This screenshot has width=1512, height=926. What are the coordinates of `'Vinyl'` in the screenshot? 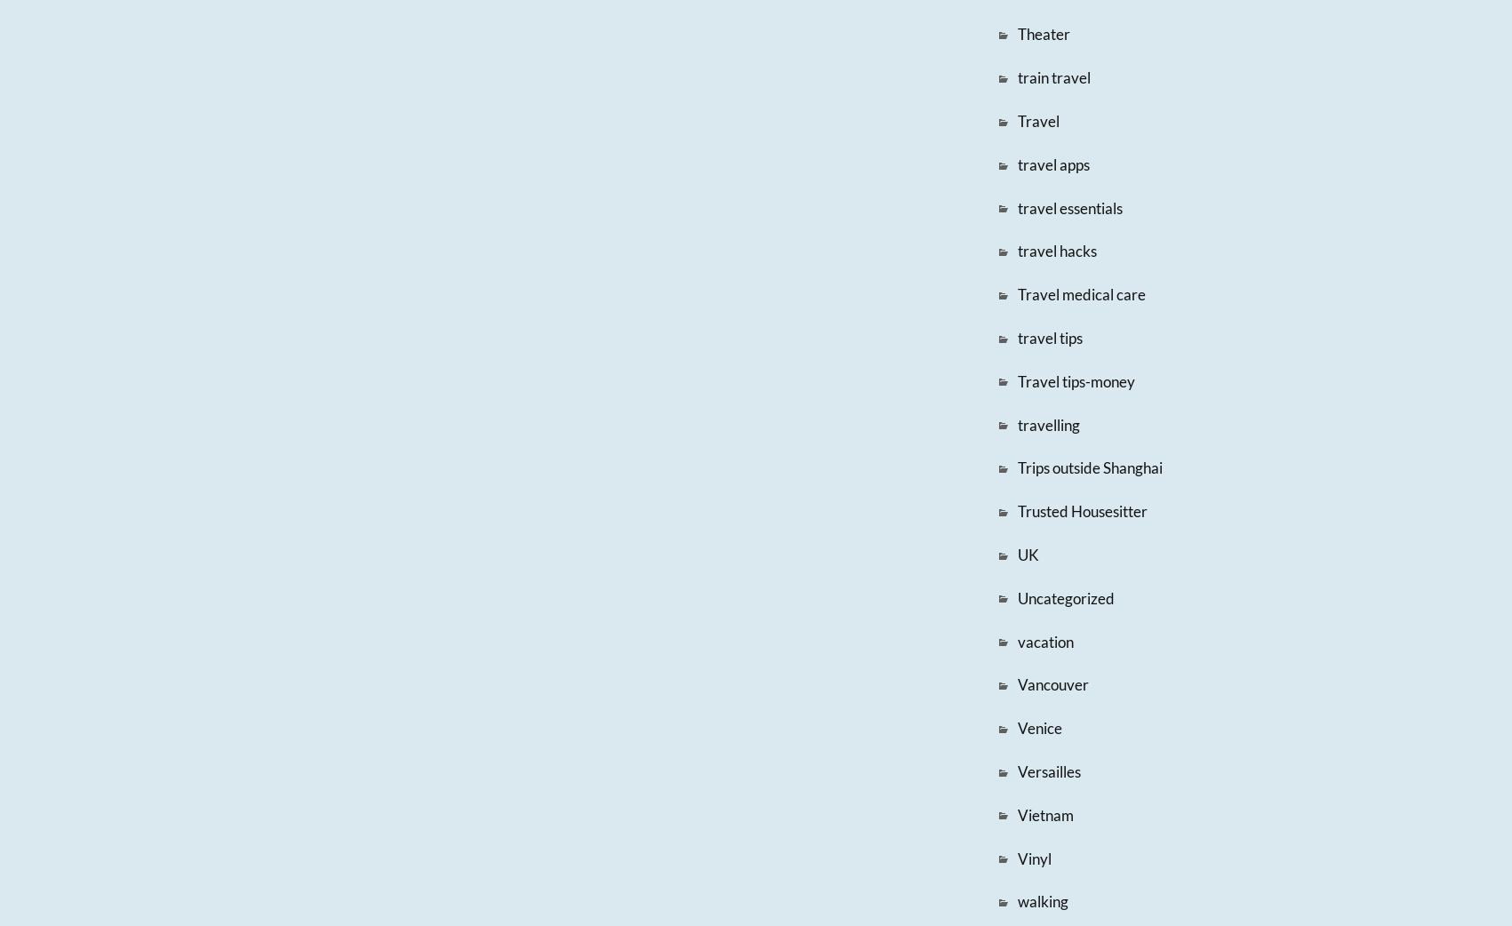 It's located at (1032, 858).